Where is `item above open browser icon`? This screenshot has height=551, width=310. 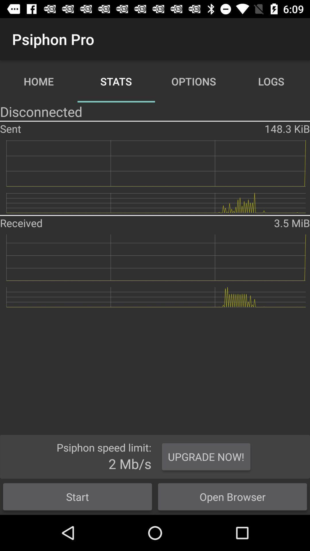
item above open browser icon is located at coordinates (206, 456).